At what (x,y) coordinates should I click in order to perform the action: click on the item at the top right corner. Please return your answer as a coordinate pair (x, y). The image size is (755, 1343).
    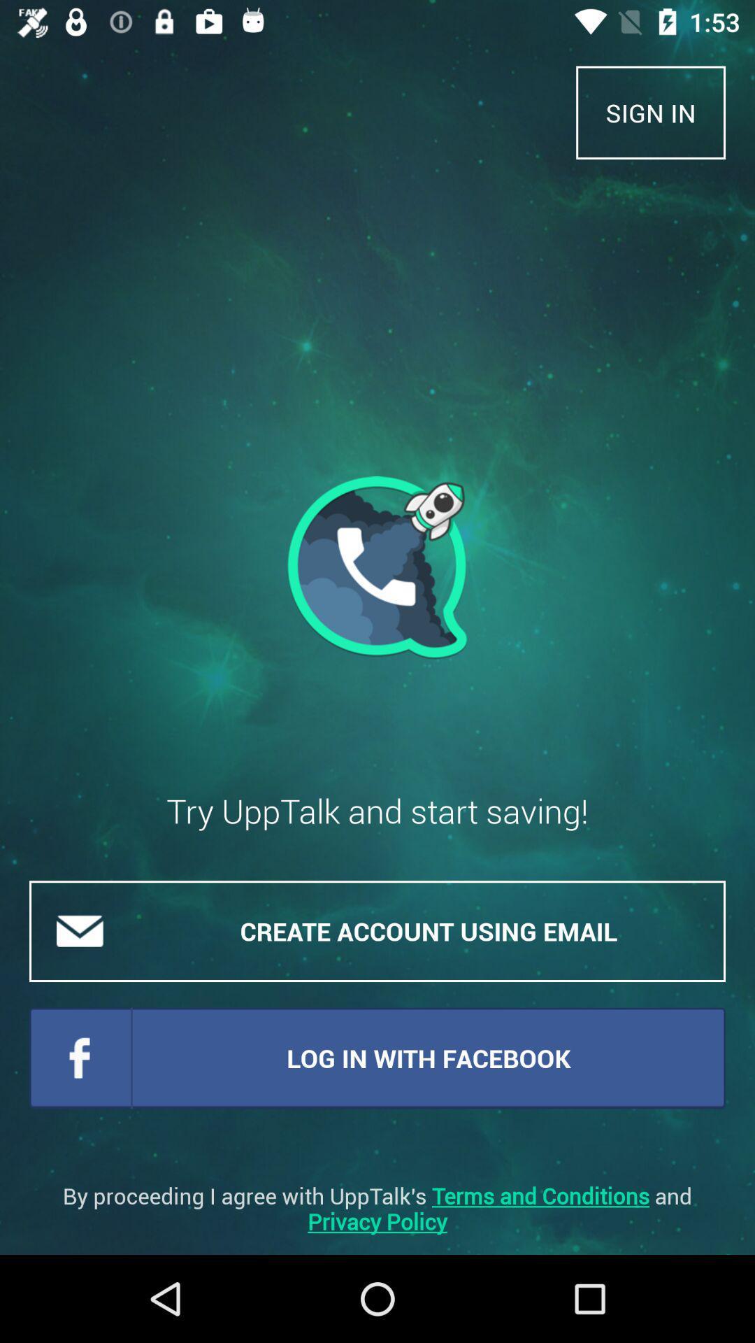
    Looking at the image, I should click on (651, 113).